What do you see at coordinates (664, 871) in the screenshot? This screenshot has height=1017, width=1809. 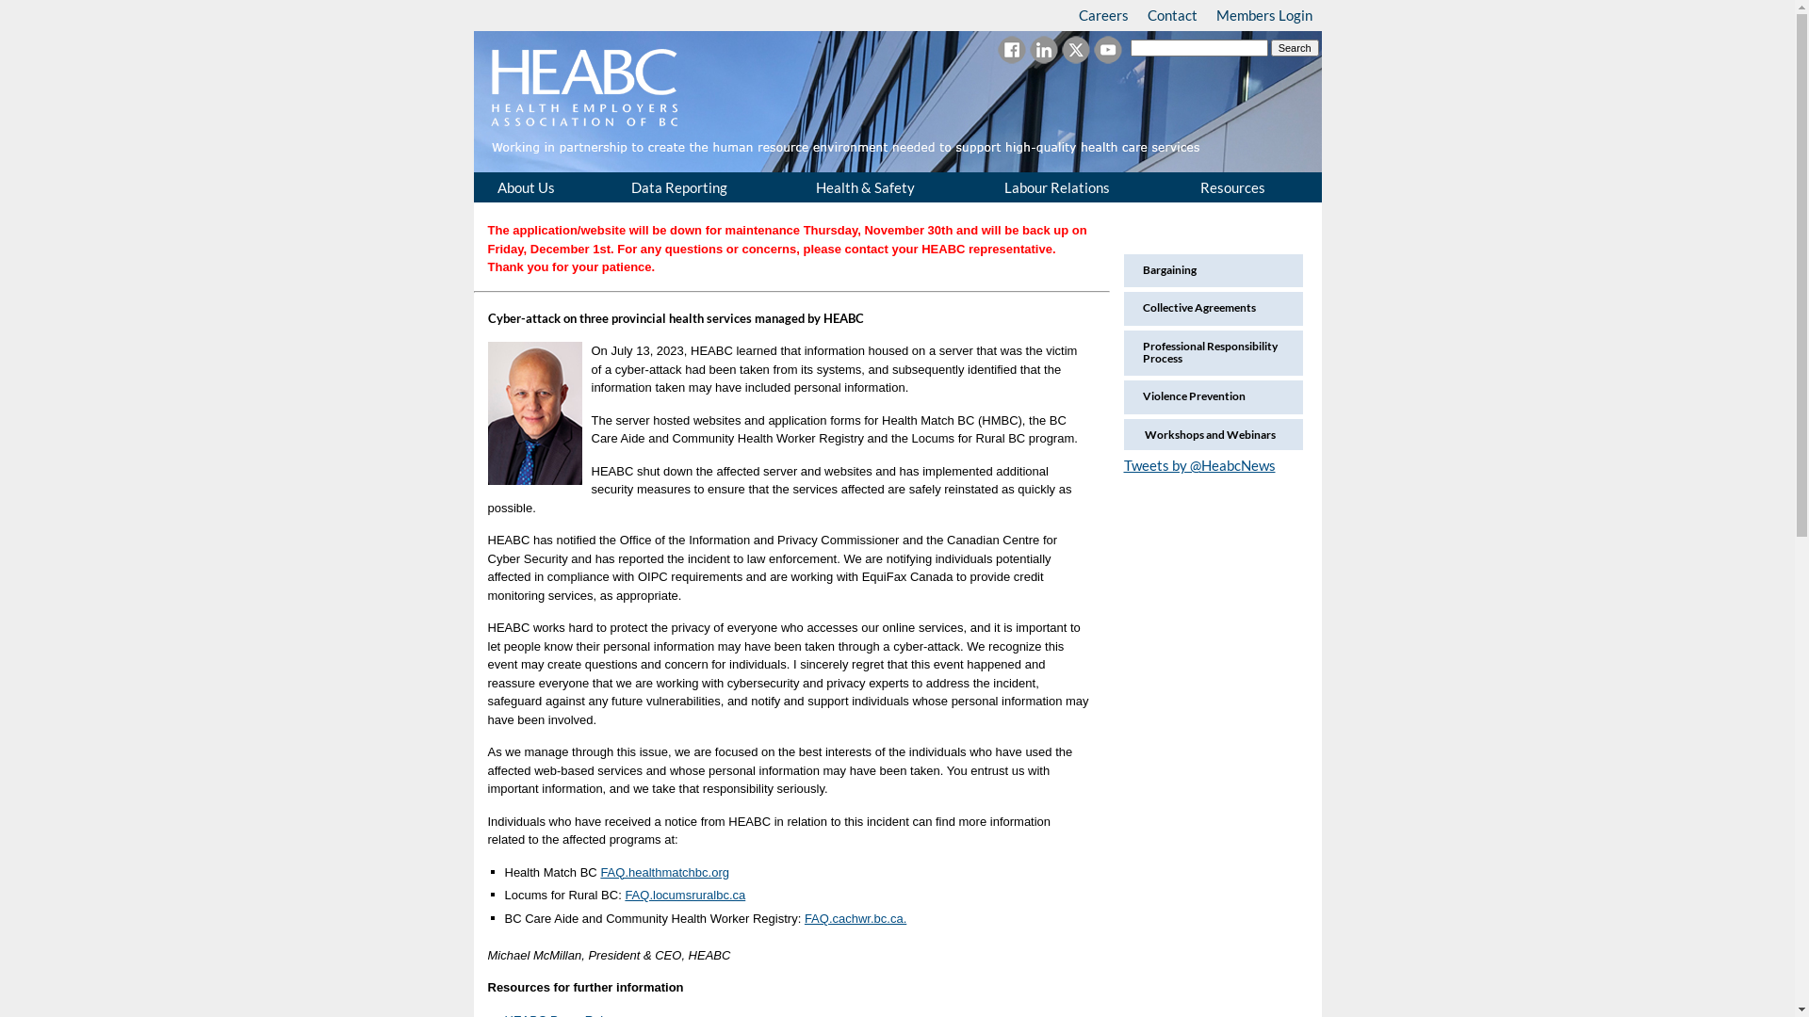 I see `'FAQ.healthmatchbc.org'` at bounding box center [664, 871].